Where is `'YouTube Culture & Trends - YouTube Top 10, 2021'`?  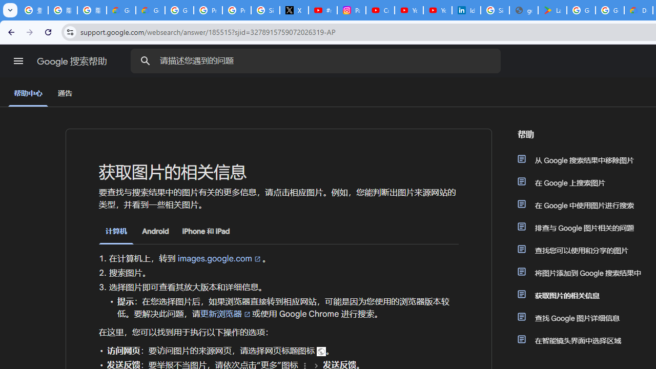 'YouTube Culture & Trends - YouTube Top 10, 2021' is located at coordinates (437, 10).